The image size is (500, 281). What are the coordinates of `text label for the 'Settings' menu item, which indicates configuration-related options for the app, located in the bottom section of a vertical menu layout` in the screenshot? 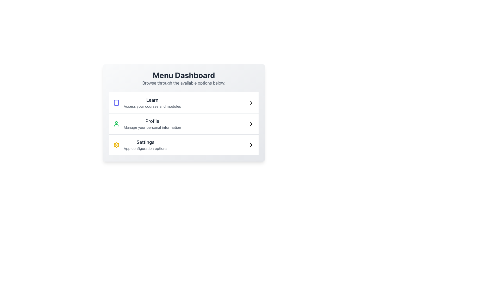 It's located at (145, 142).